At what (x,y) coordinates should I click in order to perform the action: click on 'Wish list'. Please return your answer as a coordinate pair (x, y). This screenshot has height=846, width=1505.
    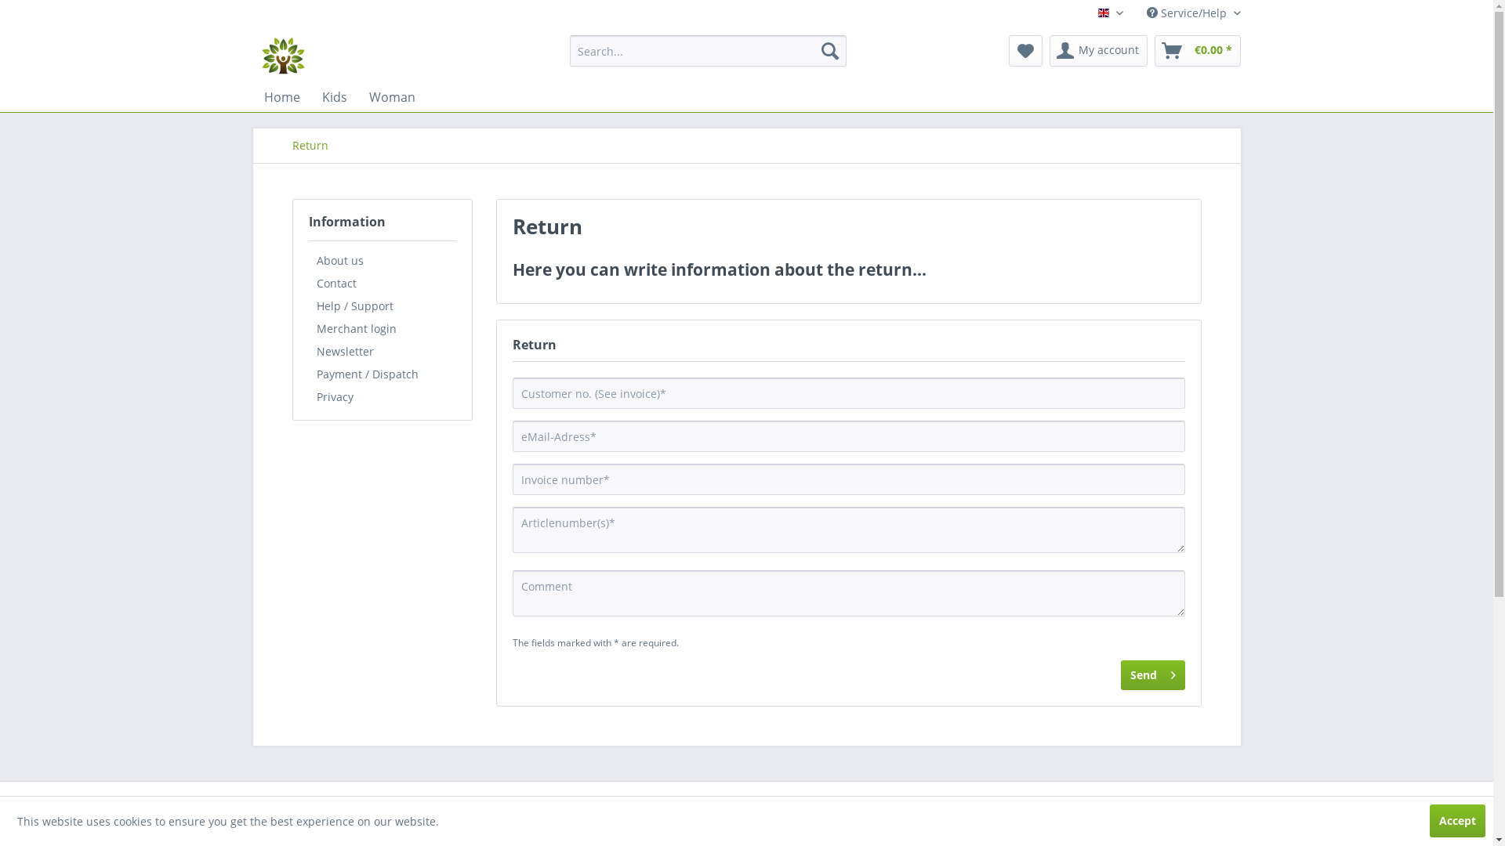
    Looking at the image, I should click on (1024, 50).